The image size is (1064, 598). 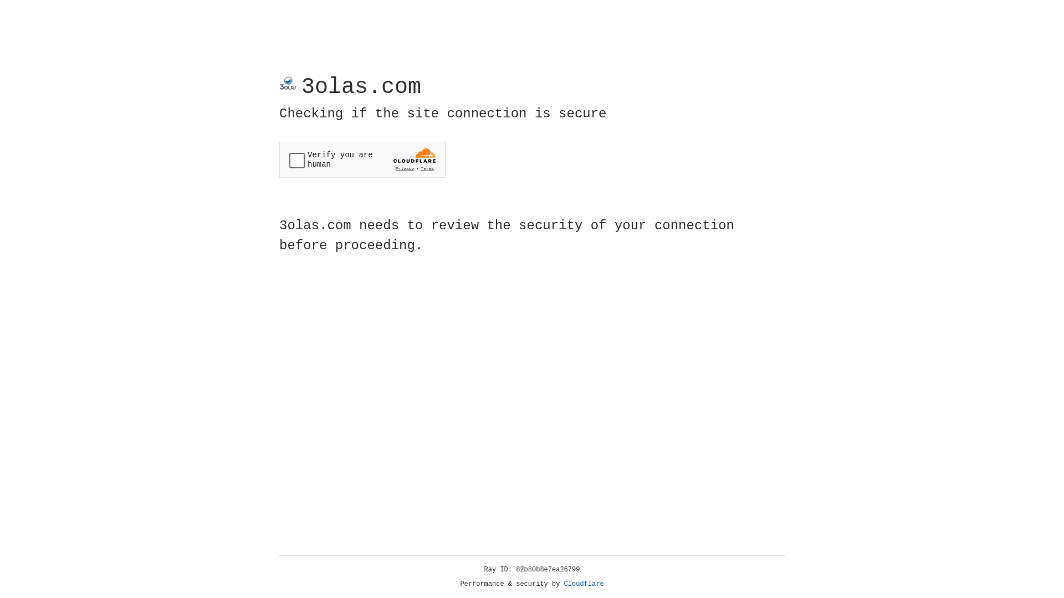 What do you see at coordinates (362, 159) in the screenshot?
I see `'Widget containing a Cloudflare security challenge'` at bounding box center [362, 159].